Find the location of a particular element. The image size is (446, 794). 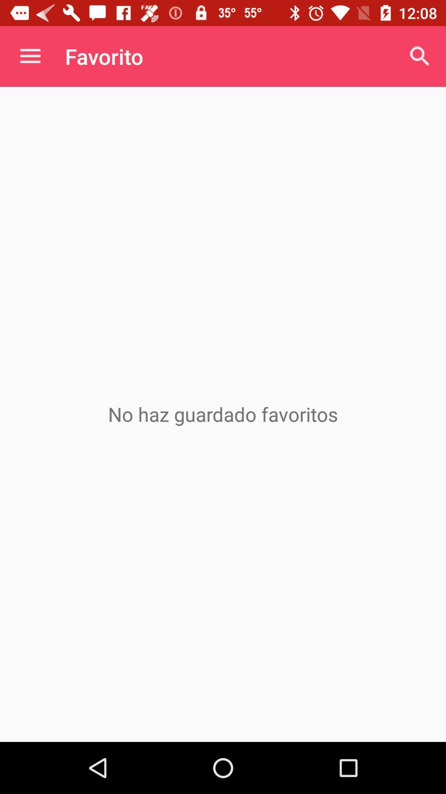

the item next to favorito icon is located at coordinates (30, 56).